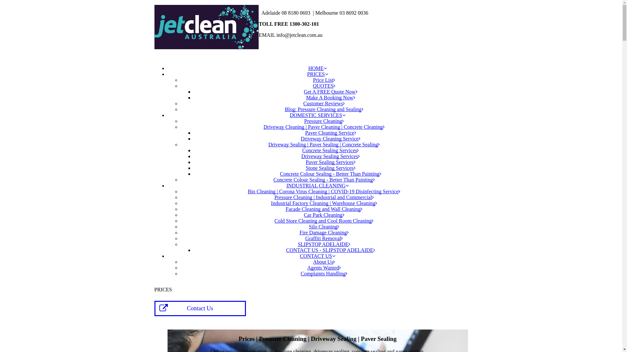  Describe the element at coordinates (330, 250) in the screenshot. I see `'CONTACT US - SLIPSTOP ADELAIDE'` at that location.